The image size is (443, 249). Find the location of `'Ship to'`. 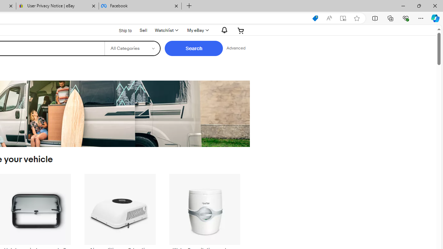

'Ship to' is located at coordinates (121, 30).